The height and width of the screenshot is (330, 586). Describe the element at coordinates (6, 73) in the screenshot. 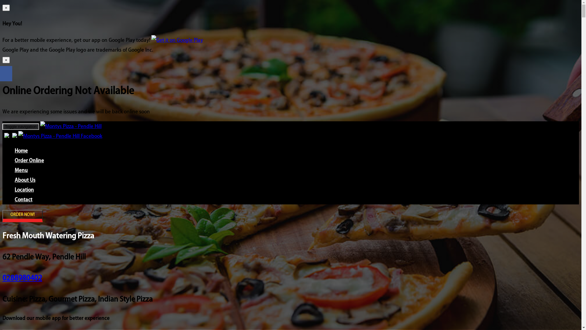

I see `'Share on Facebook'` at that location.